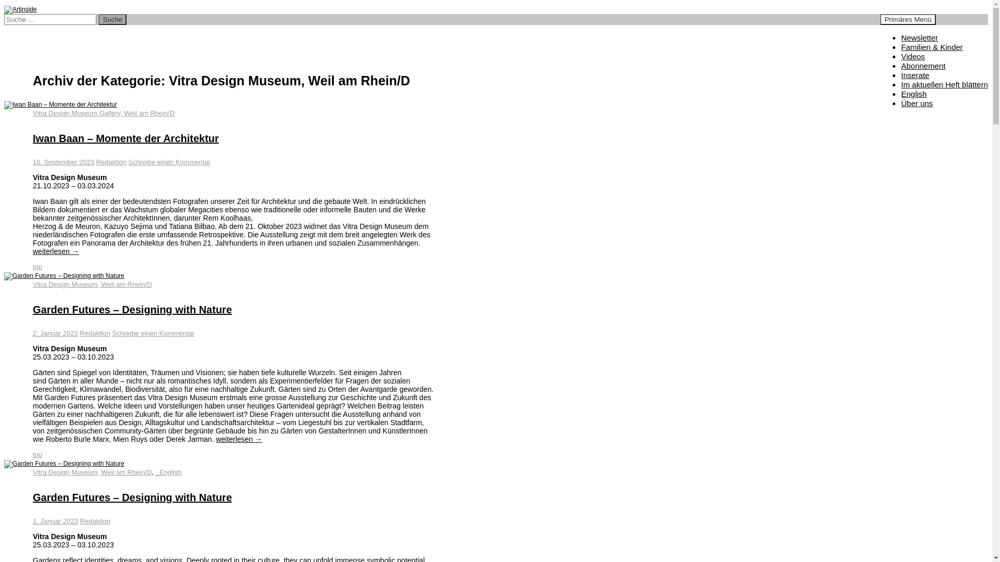 This screenshot has height=562, width=1000. What do you see at coordinates (32, 333) in the screenshot?
I see `'2. Januar 2023'` at bounding box center [32, 333].